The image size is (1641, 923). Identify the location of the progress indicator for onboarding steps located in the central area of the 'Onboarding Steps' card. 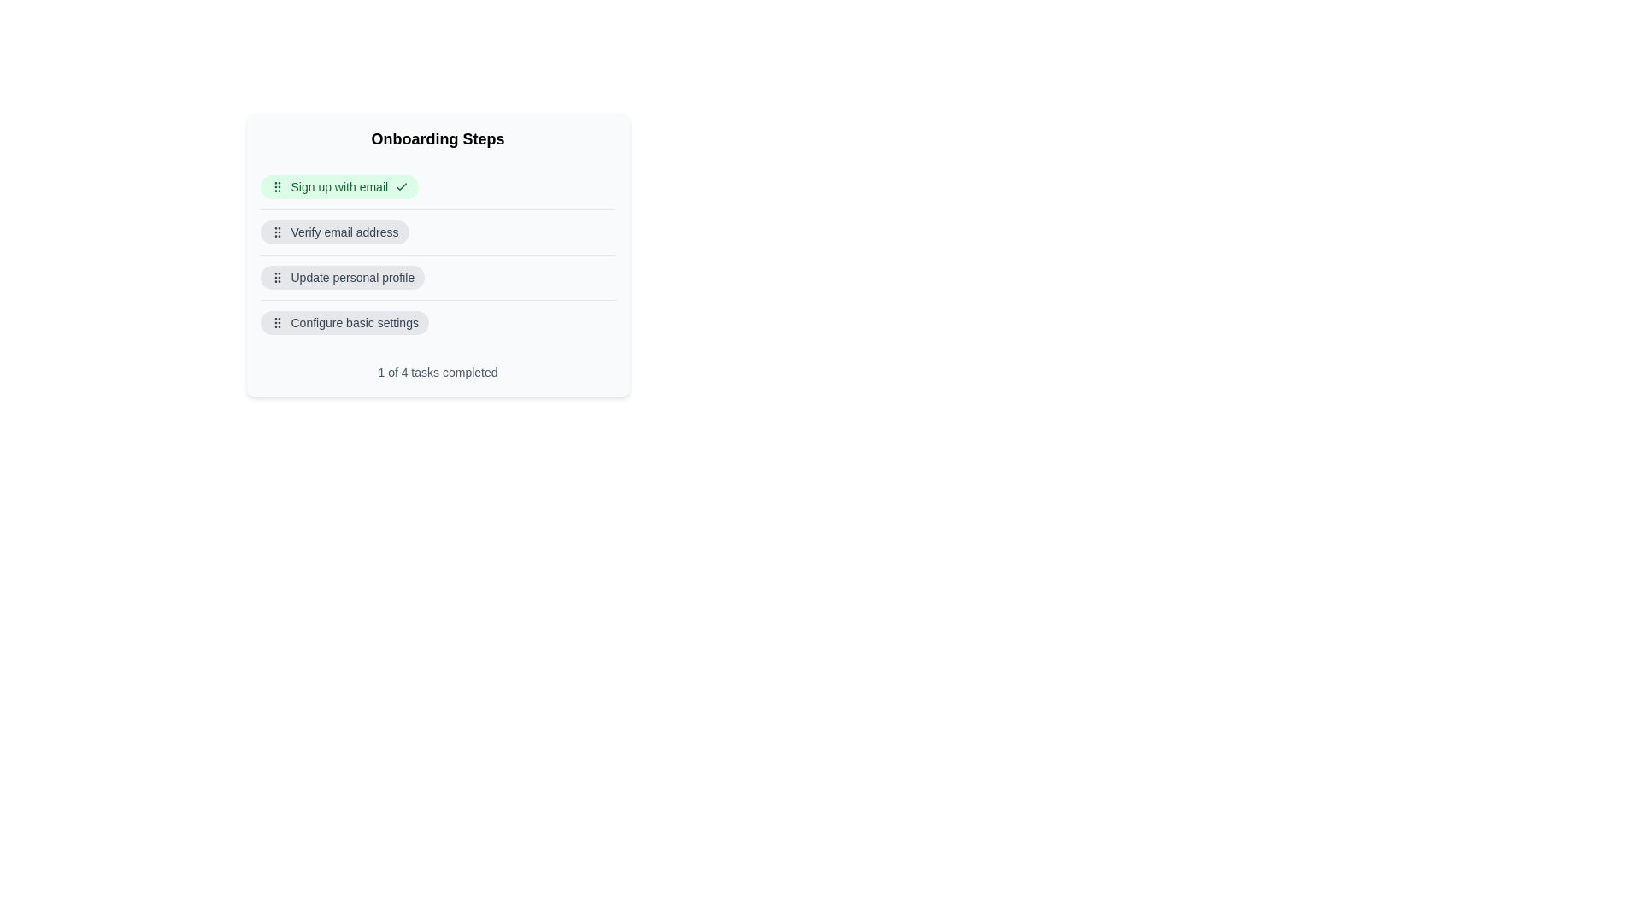
(438, 255).